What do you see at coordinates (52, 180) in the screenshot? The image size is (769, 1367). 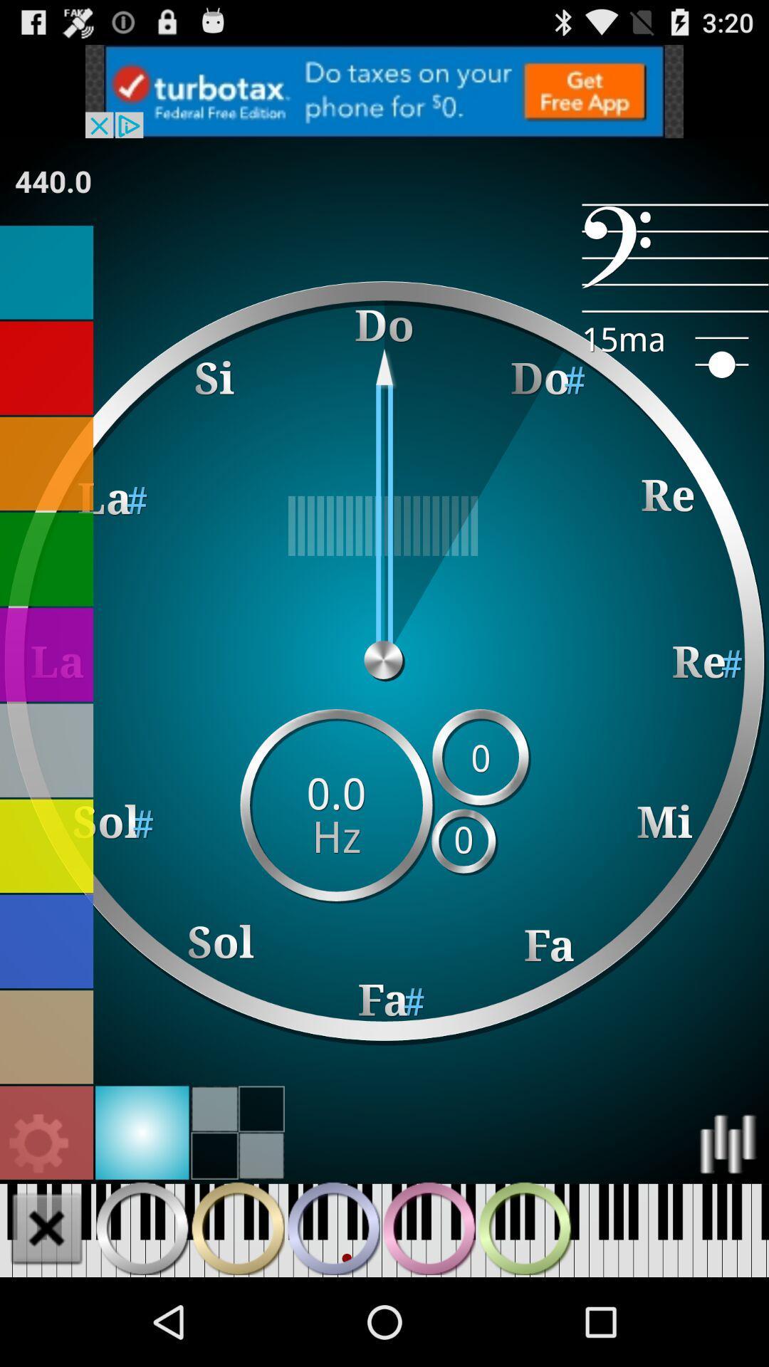 I see `the 440.0 item` at bounding box center [52, 180].